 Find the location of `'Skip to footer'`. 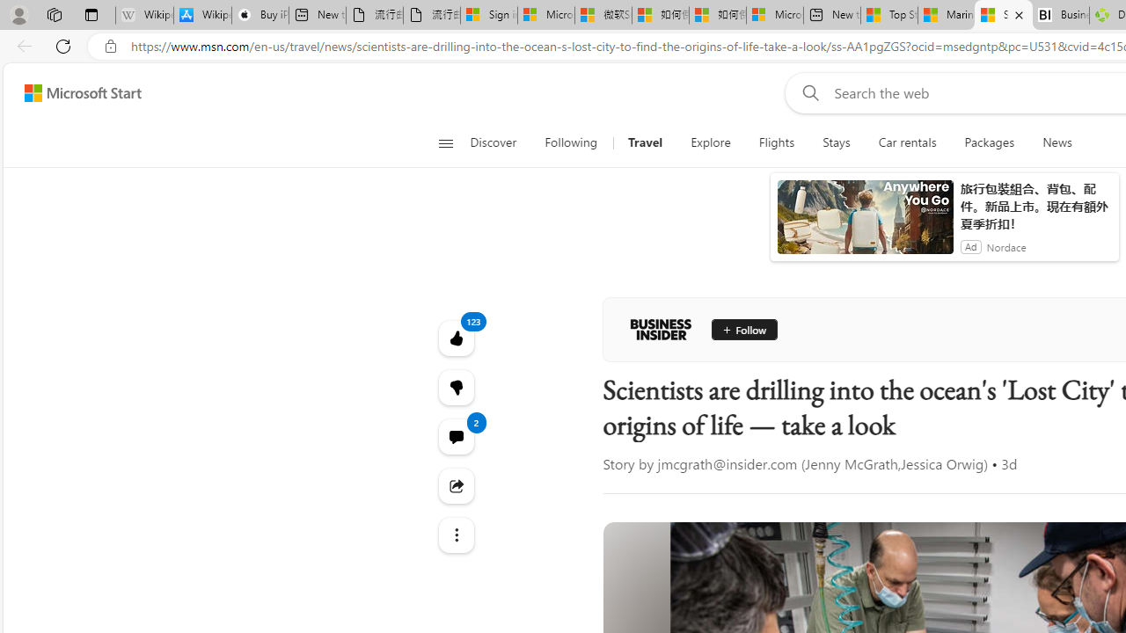

'Skip to footer' is located at coordinates (71, 92).